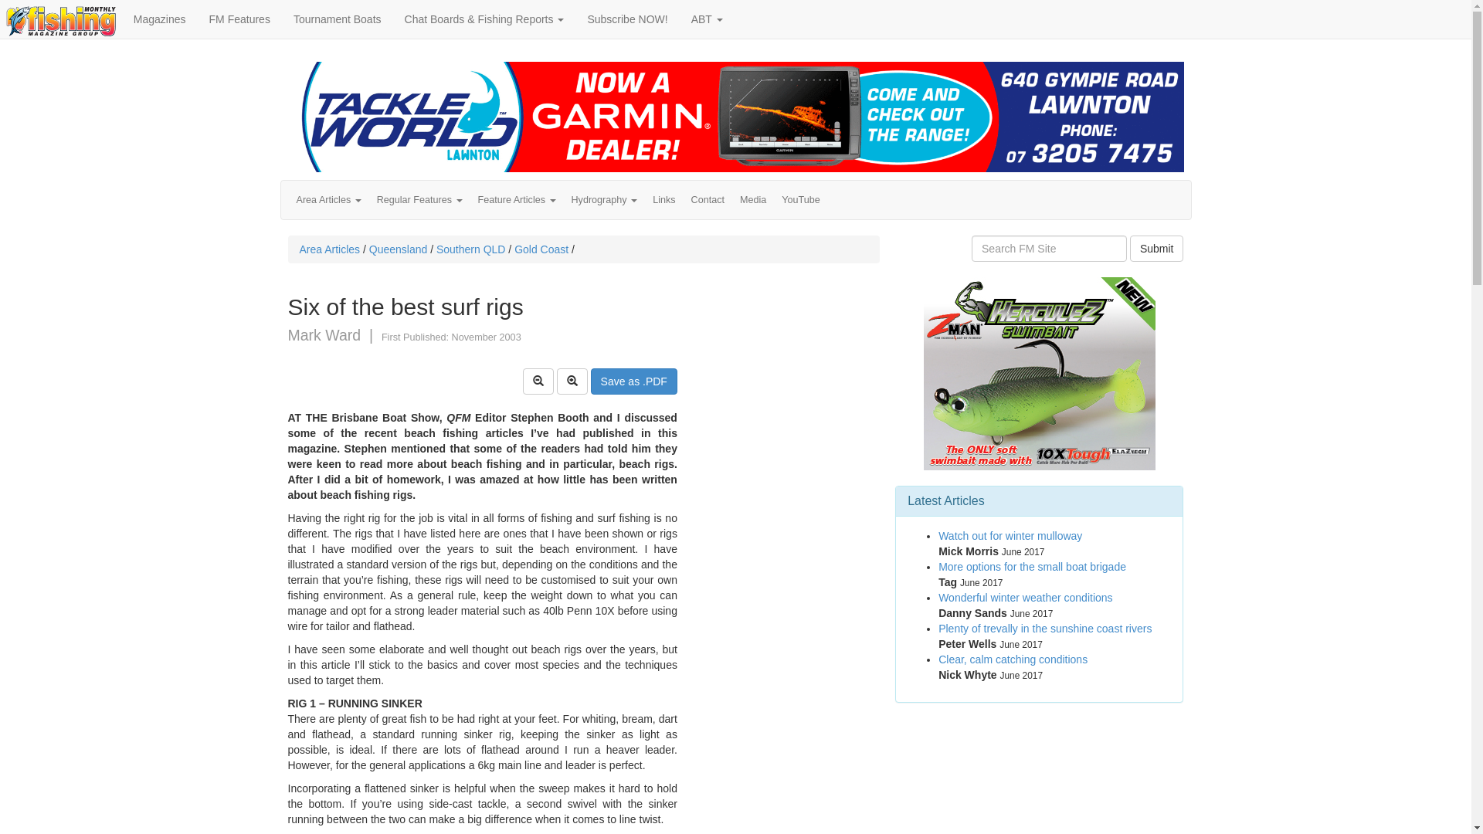  I want to click on 'Tournament Boats', so click(336, 19).